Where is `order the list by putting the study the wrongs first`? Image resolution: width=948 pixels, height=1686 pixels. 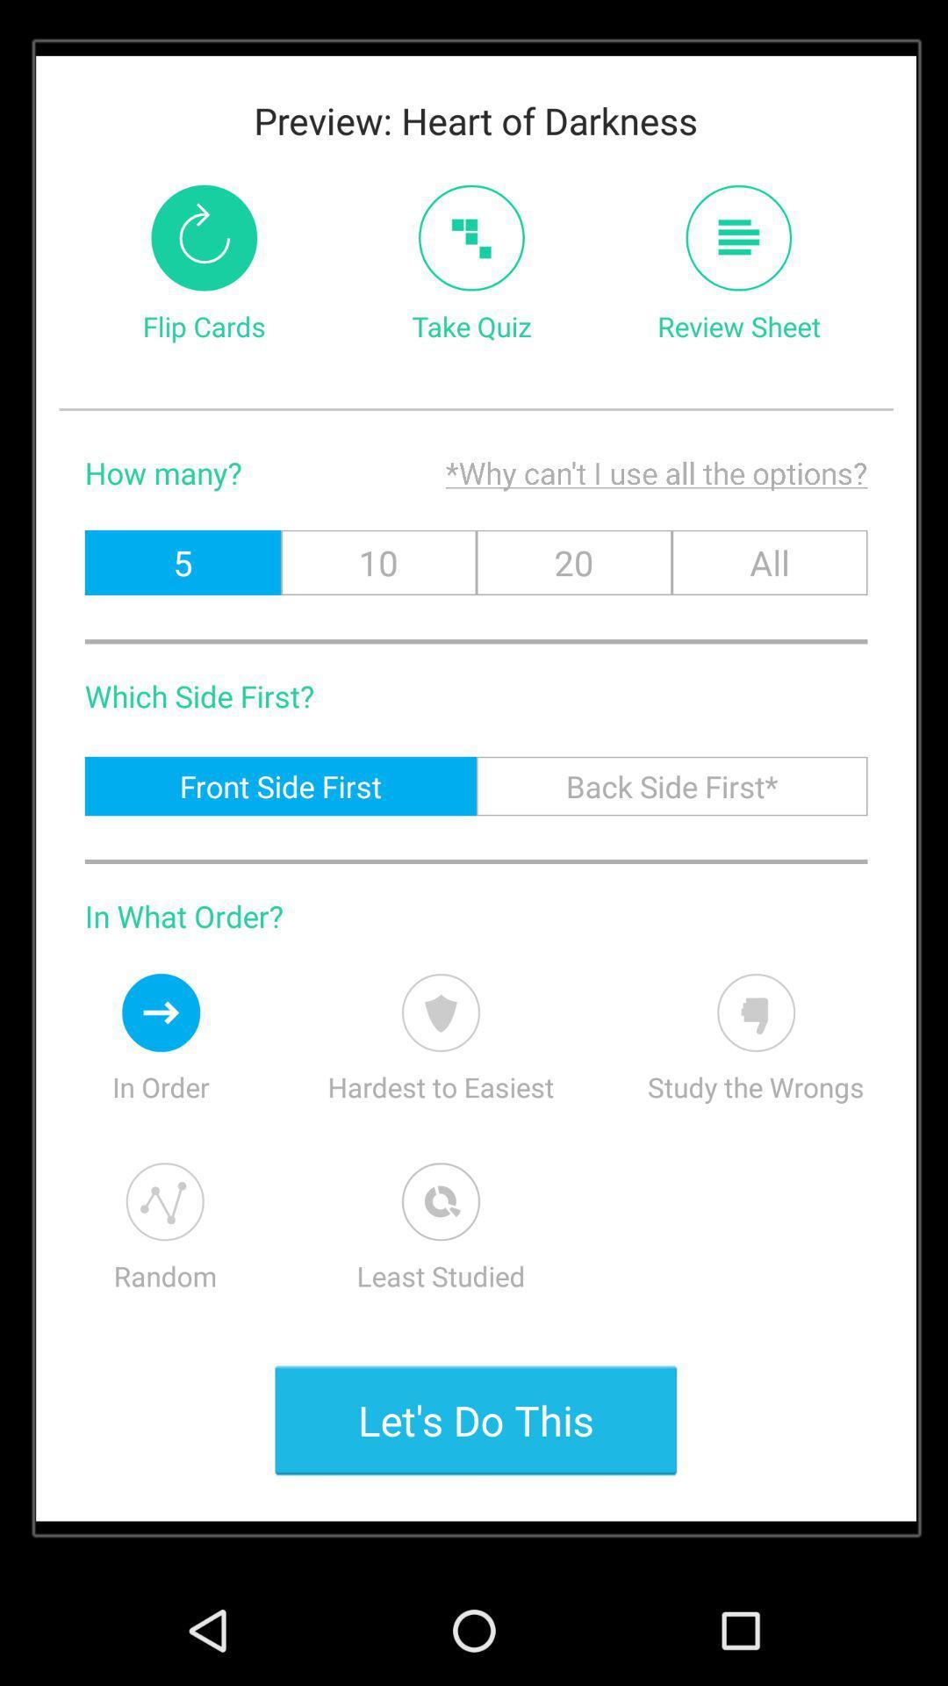 order the list by putting the study the wrongs first is located at coordinates (755, 1012).